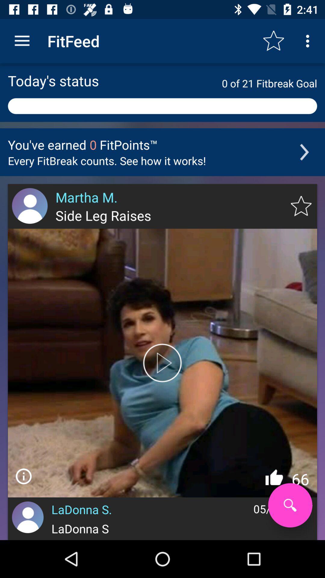  I want to click on search tool, so click(290, 505).